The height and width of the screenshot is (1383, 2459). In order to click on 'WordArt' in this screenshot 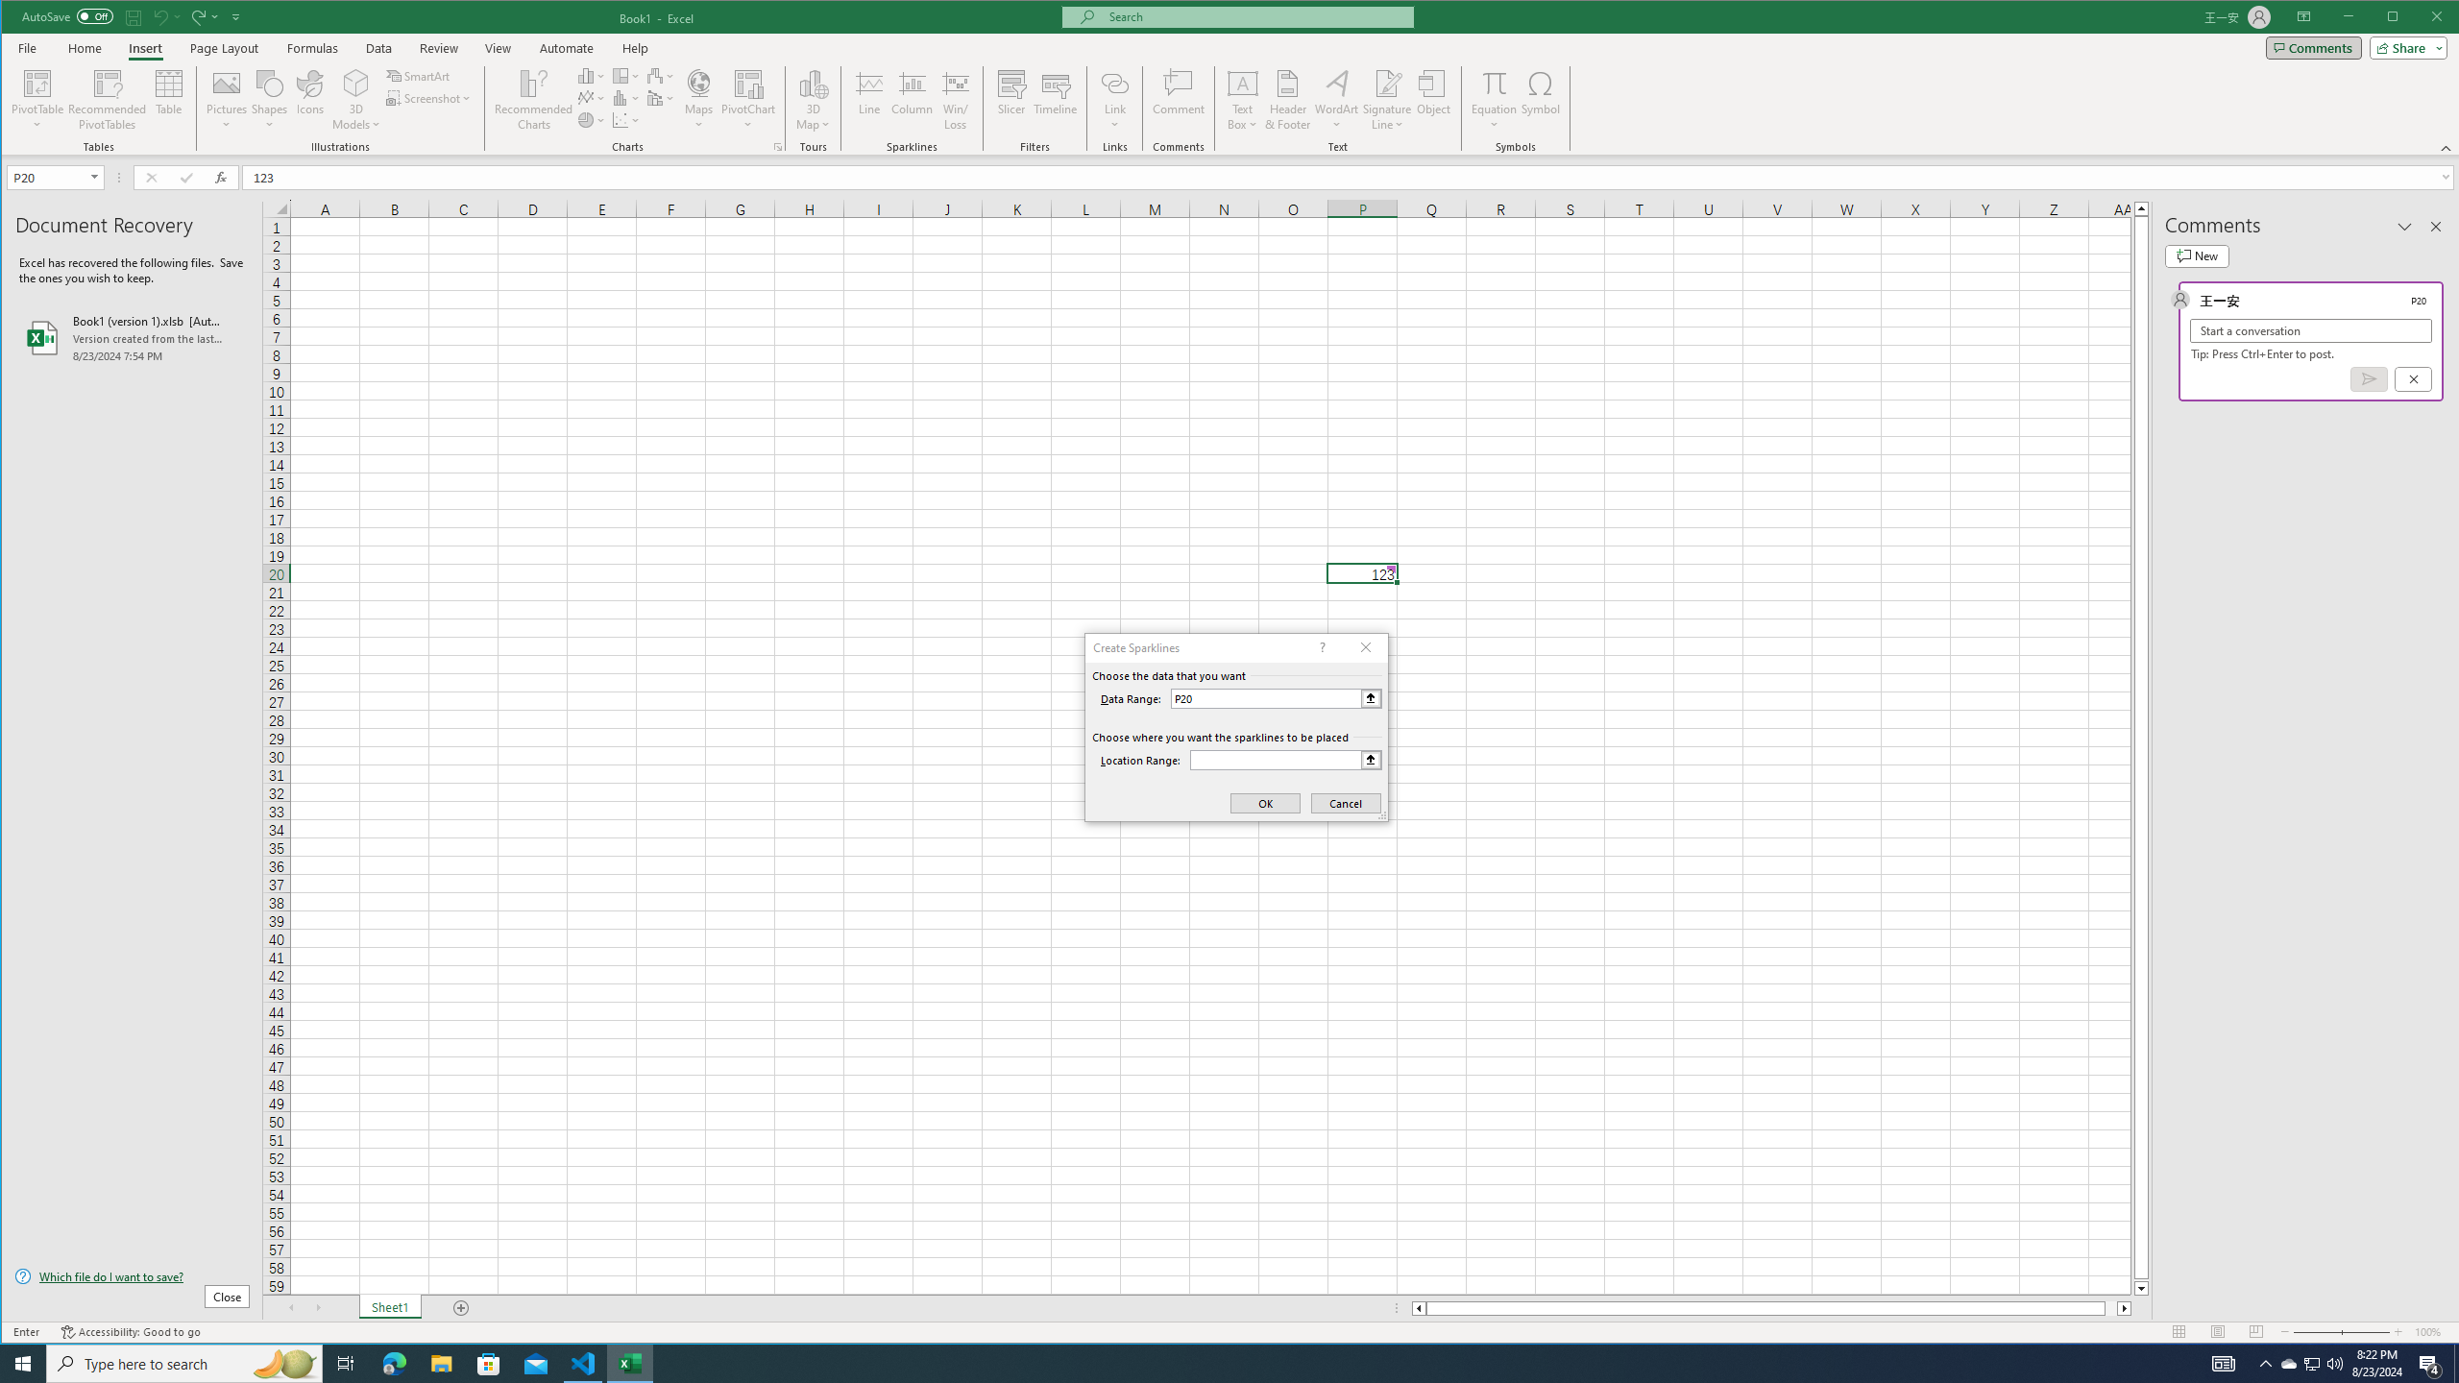, I will do `click(1336, 99)`.